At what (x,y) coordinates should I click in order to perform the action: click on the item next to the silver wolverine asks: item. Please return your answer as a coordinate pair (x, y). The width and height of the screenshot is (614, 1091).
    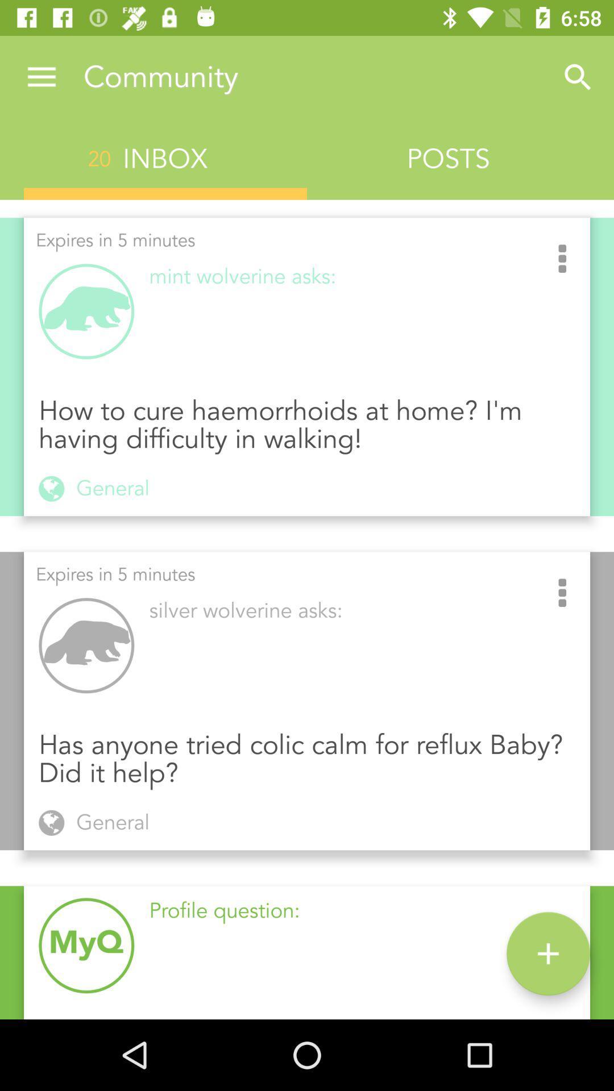
    Looking at the image, I should click on (562, 593).